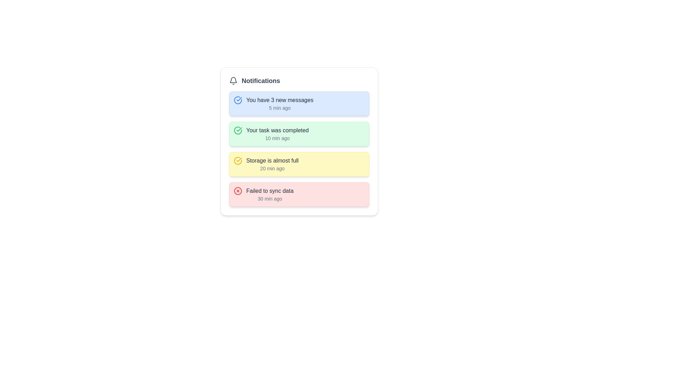 This screenshot has height=380, width=676. I want to click on timestamp displayed as '30 min ago' located in the bottom-right corner of the notification card under the 'Failed to sync data' message, so click(269, 198).